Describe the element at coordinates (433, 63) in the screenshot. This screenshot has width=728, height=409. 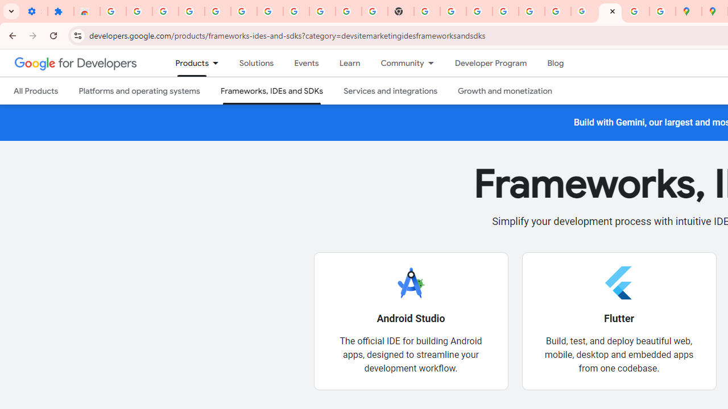
I see `'Dropdown menu for Community'` at that location.